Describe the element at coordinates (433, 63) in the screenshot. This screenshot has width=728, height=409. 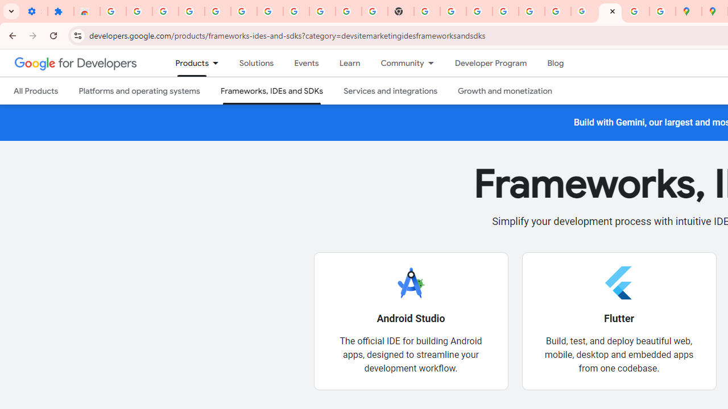
I see `'Dropdown menu for Community'` at that location.